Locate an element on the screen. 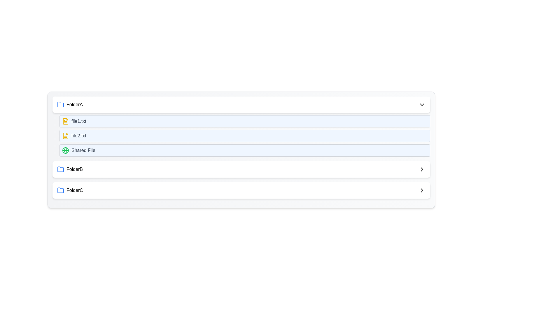  the label representing the folder named 'FolderA' in the file browser interface, which is located at the topmost entry of the vertical list structure is located at coordinates (70, 104).